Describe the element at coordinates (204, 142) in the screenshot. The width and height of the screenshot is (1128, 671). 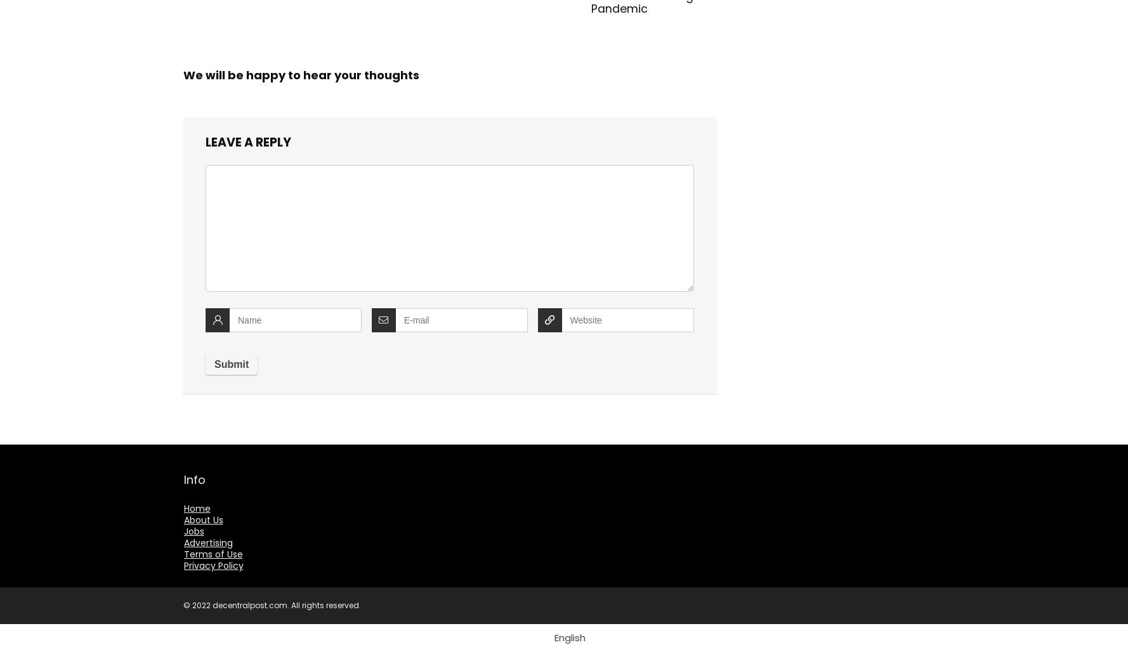
I see `'Leave a reply'` at that location.